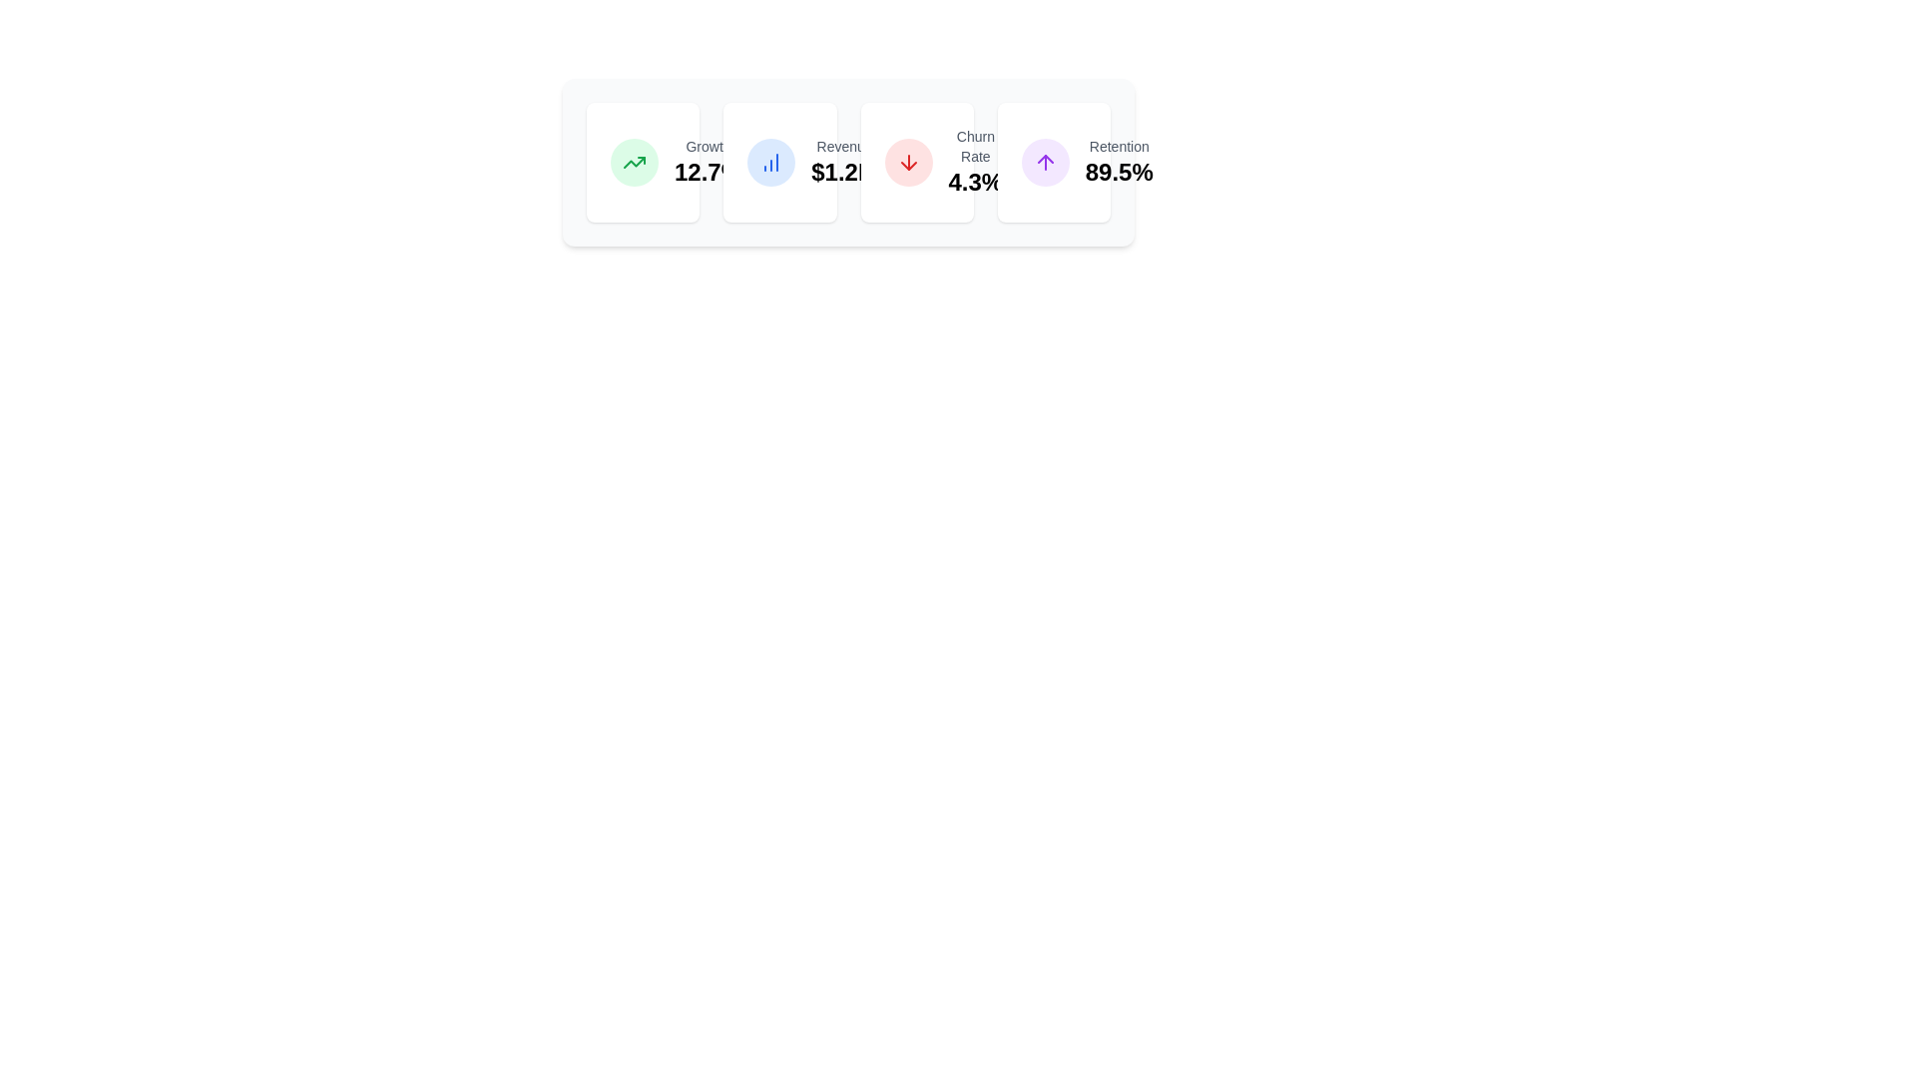  What do you see at coordinates (778, 161) in the screenshot?
I see `the Card displaying the revenue metric, which is the second card in the dashboard widget, situated between the 'Growth 12.7%' card on the left and the 'Churn Rate 4.3%' card on the right` at bounding box center [778, 161].